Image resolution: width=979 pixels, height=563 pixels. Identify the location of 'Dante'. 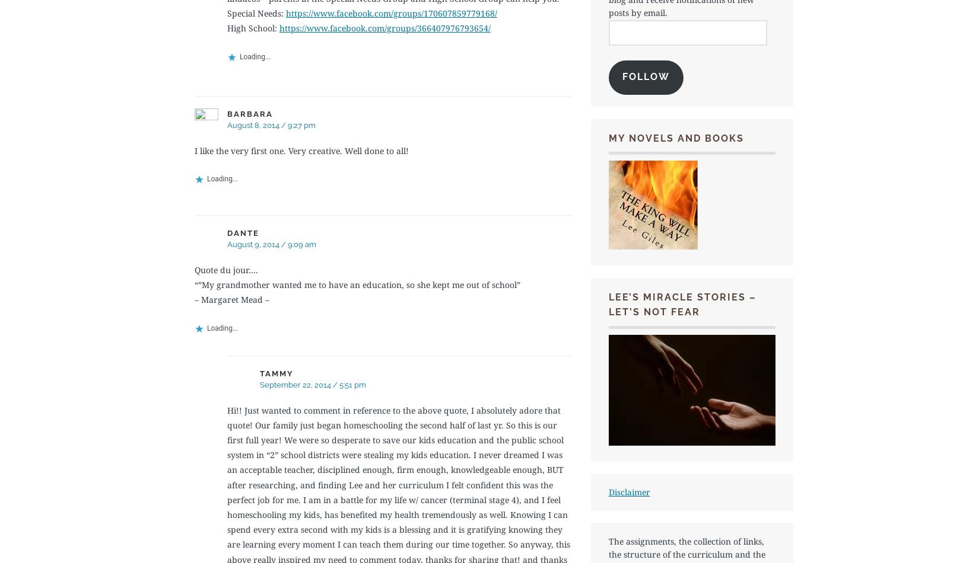
(243, 232).